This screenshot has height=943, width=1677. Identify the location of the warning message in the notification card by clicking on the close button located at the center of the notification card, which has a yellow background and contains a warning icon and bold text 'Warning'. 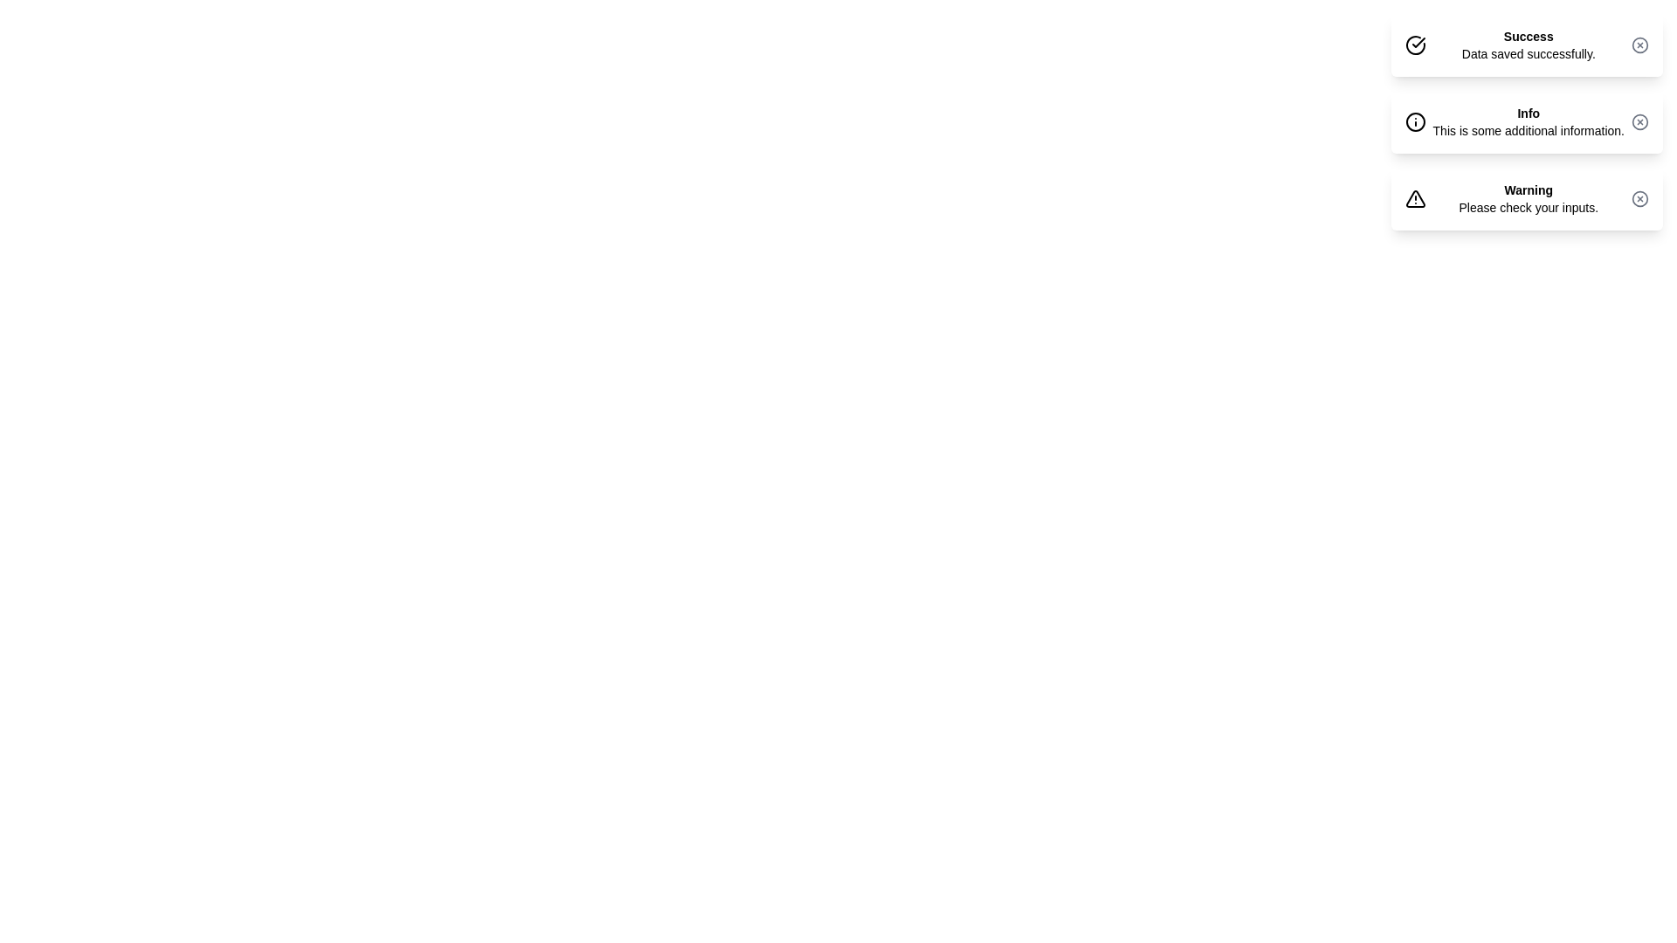
(1526, 197).